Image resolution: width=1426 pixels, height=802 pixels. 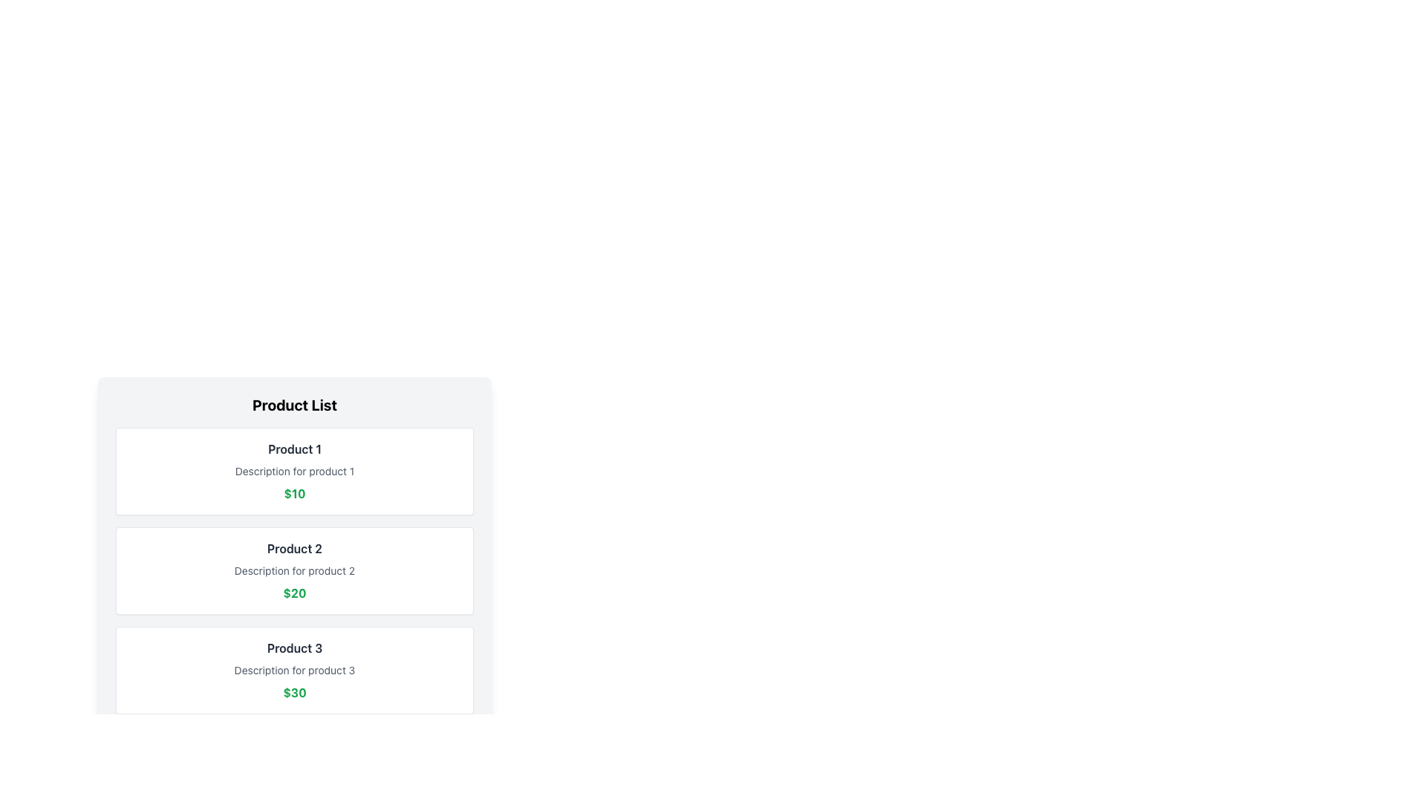 What do you see at coordinates (295, 472) in the screenshot?
I see `the first card in the product list, which displays 'Product 1', 'Description for product 1', and '$10'` at bounding box center [295, 472].